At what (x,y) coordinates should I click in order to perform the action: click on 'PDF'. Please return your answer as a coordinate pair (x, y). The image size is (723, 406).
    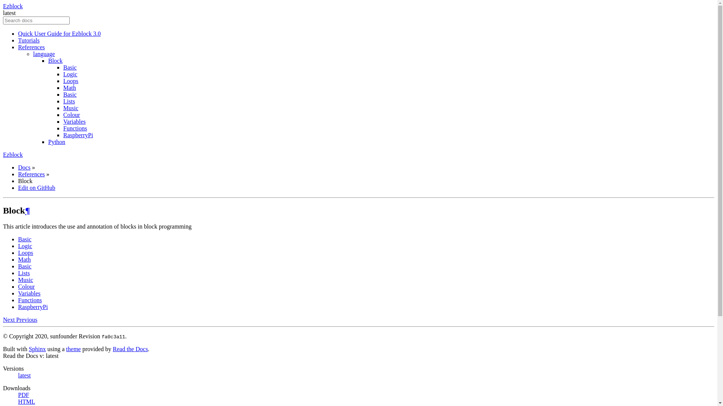
    Looking at the image, I should click on (23, 394).